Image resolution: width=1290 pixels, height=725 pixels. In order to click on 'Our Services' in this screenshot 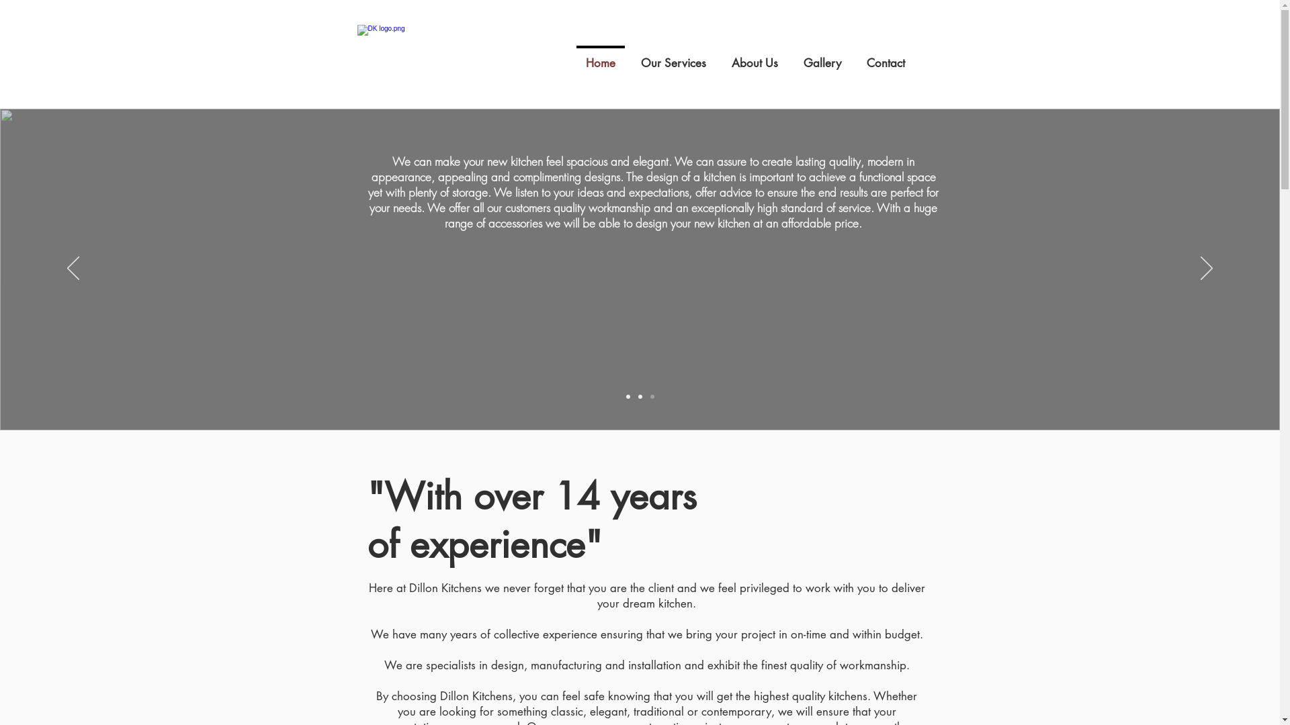, I will do `click(673, 56)`.